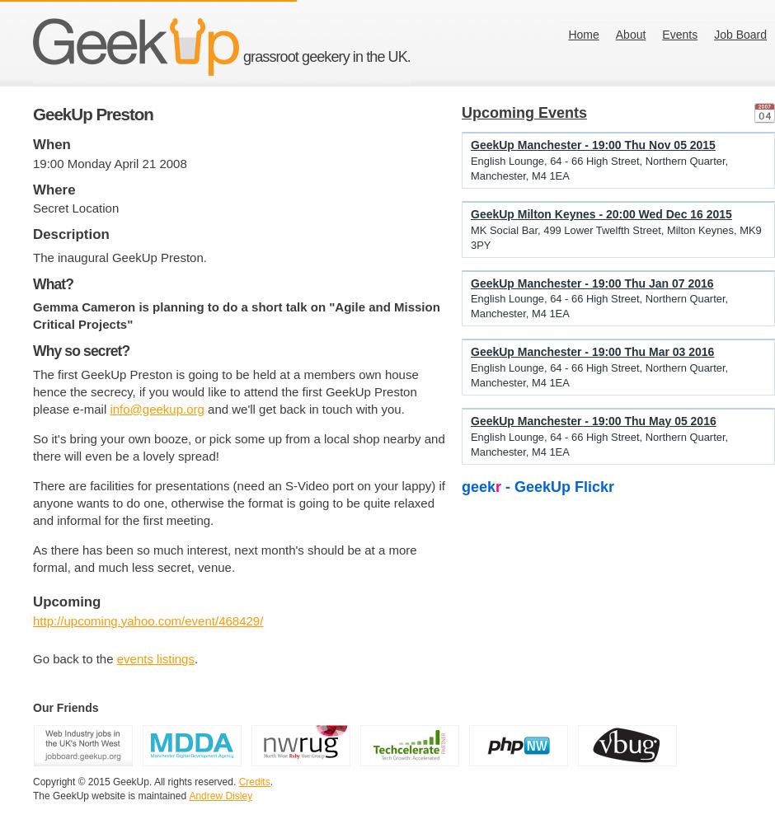 The width and height of the screenshot is (775, 824). What do you see at coordinates (155, 658) in the screenshot?
I see `'events listings'` at bounding box center [155, 658].